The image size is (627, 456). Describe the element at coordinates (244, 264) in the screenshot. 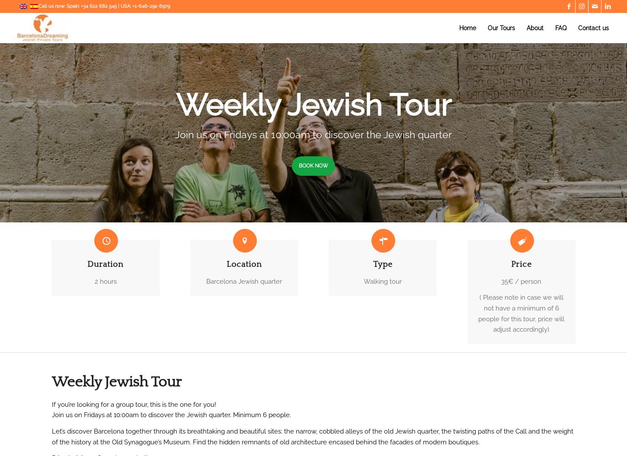

I see `'Location'` at that location.